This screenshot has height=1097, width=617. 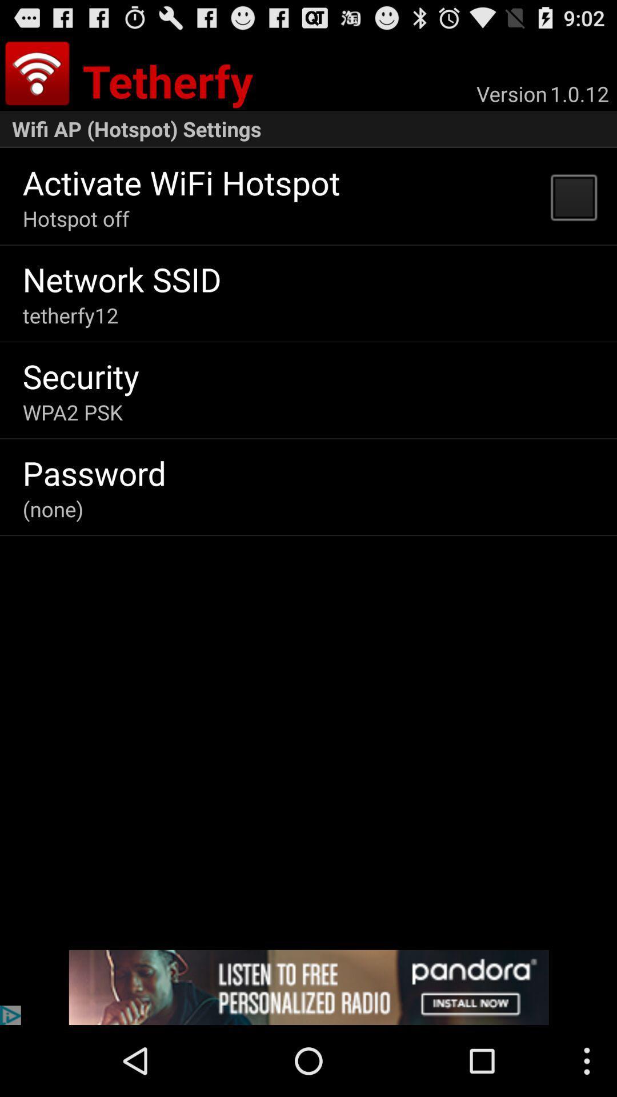 What do you see at coordinates (573, 197) in the screenshot?
I see `the item to the right of activate wifi hotspot app` at bounding box center [573, 197].